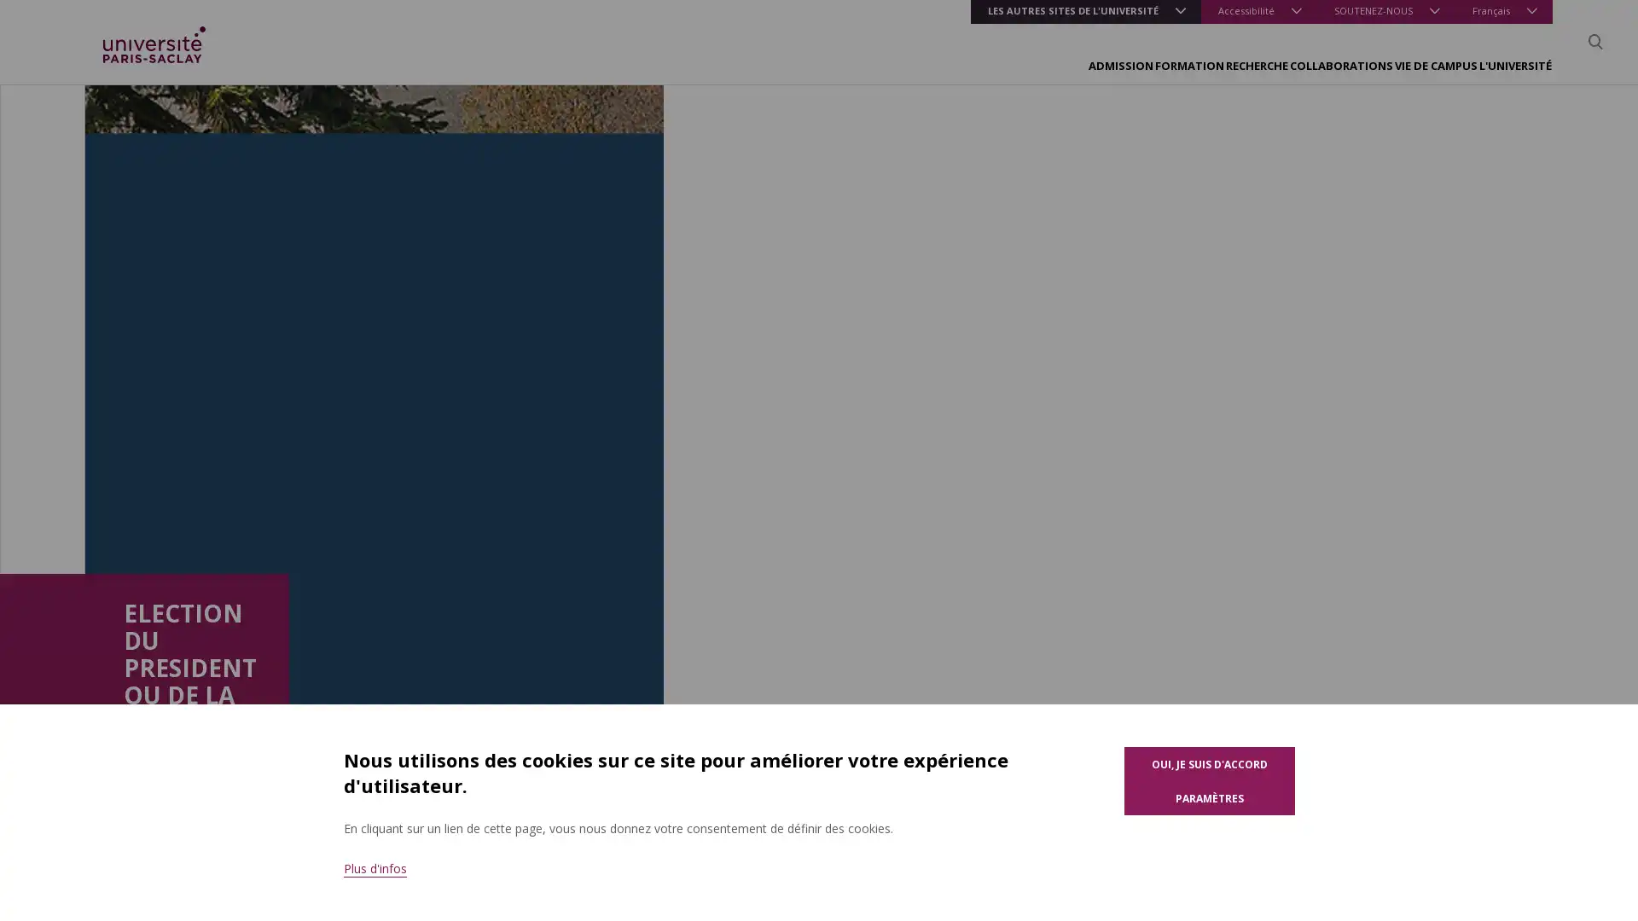  Describe the element at coordinates (1361, 58) in the screenshot. I see `VIE DE CAMPUS` at that location.